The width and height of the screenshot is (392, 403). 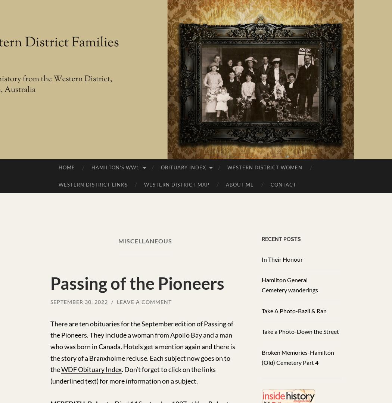 I want to click on 'Take A Photo-Bazil & Ran', so click(x=293, y=310).